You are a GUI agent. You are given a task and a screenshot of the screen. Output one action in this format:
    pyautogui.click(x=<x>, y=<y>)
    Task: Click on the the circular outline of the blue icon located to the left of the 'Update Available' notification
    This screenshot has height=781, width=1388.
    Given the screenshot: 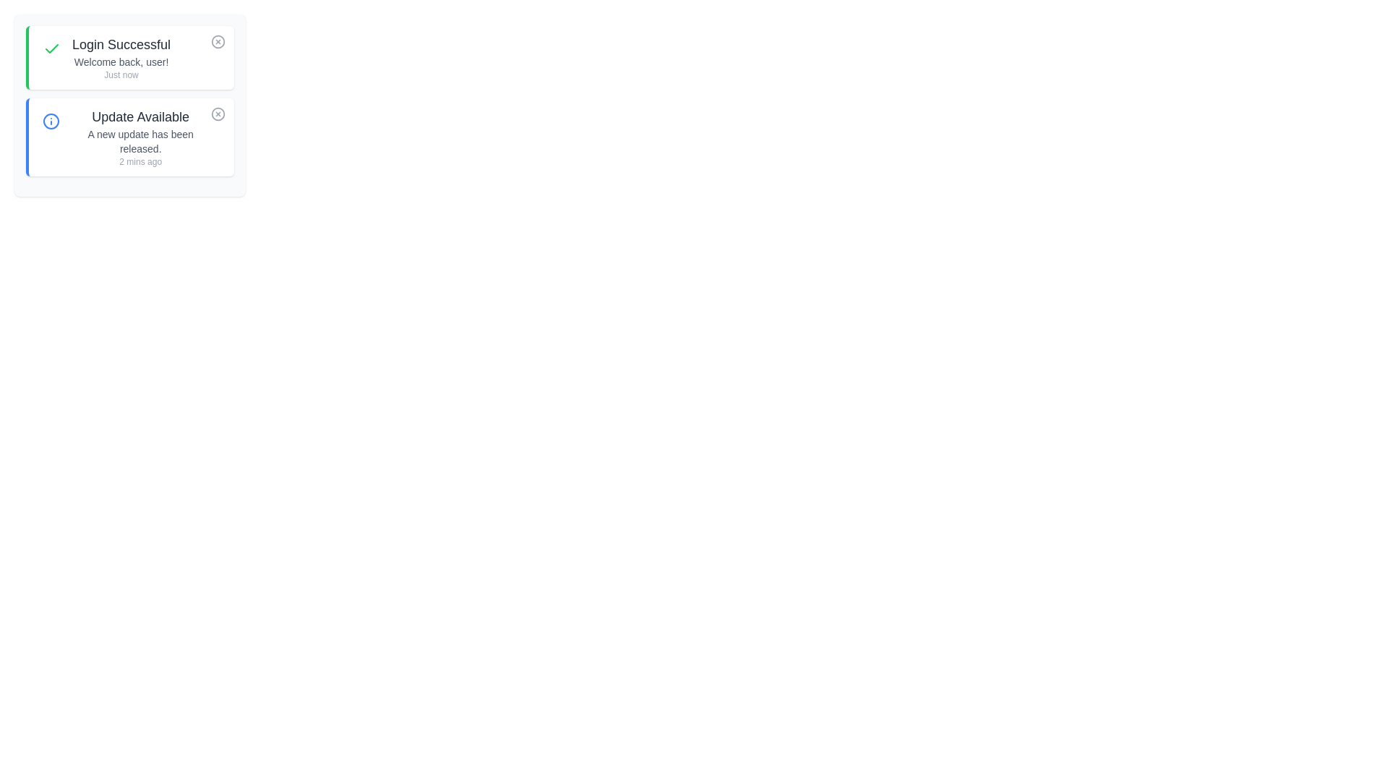 What is the action you would take?
    pyautogui.click(x=51, y=121)
    